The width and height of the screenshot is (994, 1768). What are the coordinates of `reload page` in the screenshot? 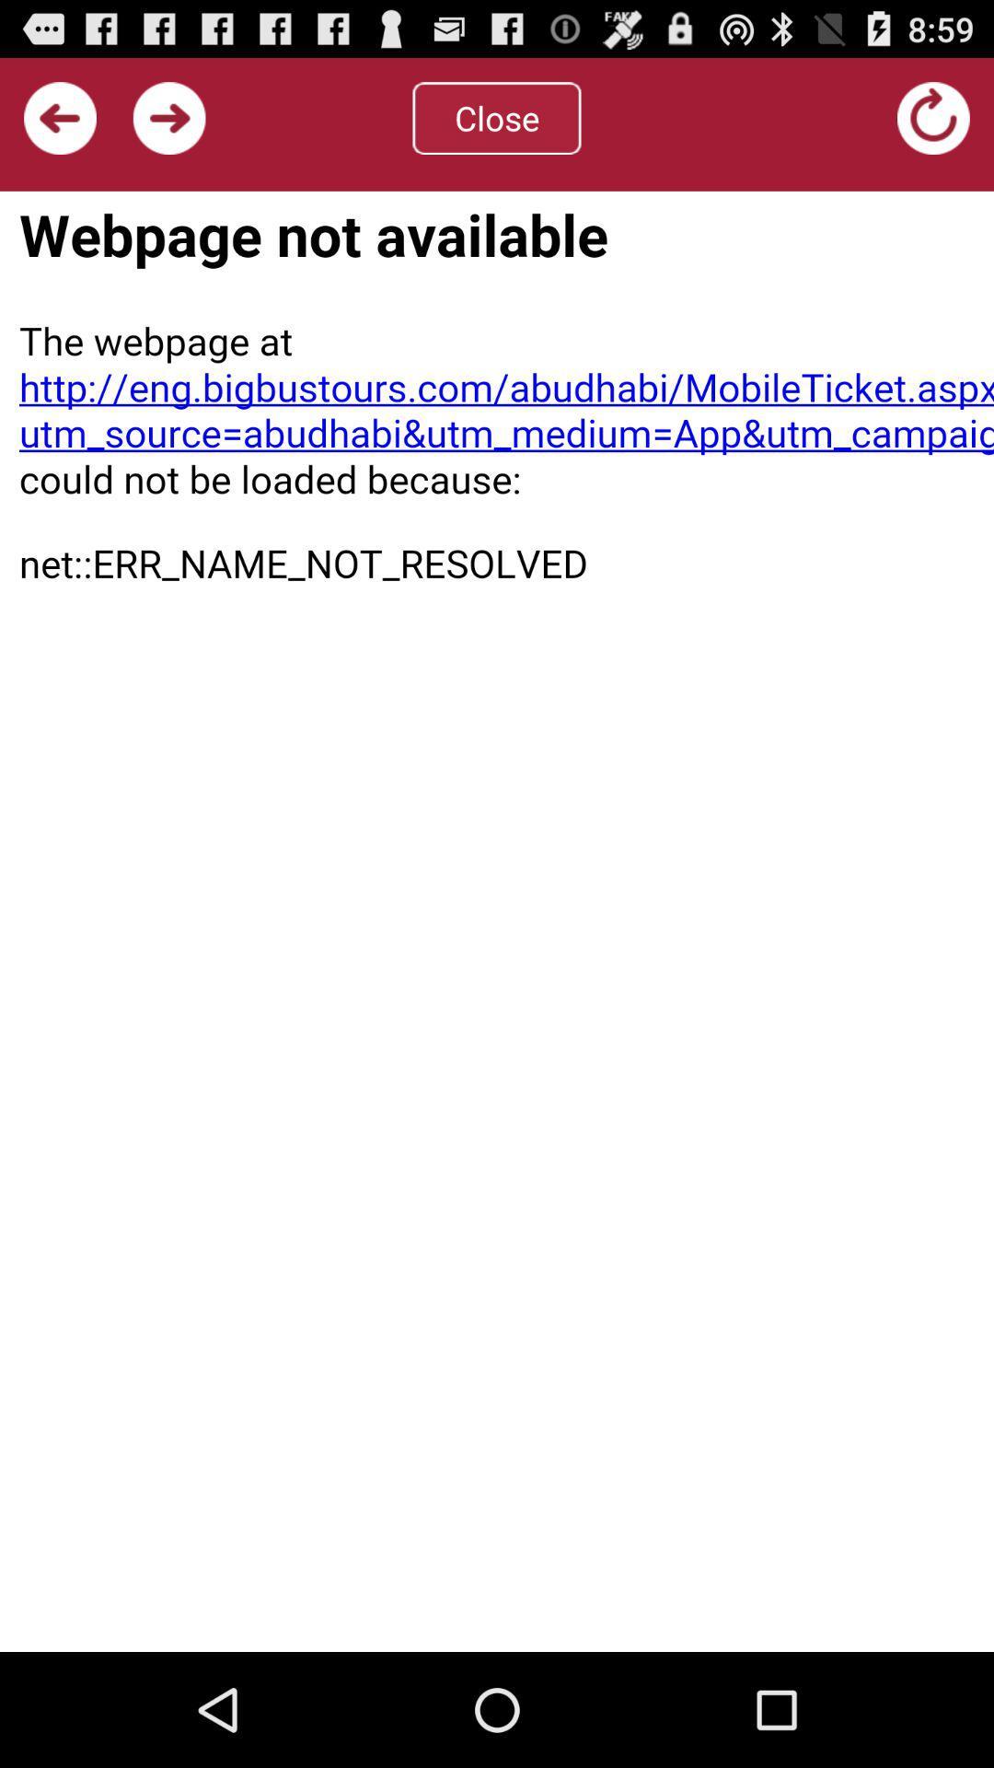 It's located at (497, 921).